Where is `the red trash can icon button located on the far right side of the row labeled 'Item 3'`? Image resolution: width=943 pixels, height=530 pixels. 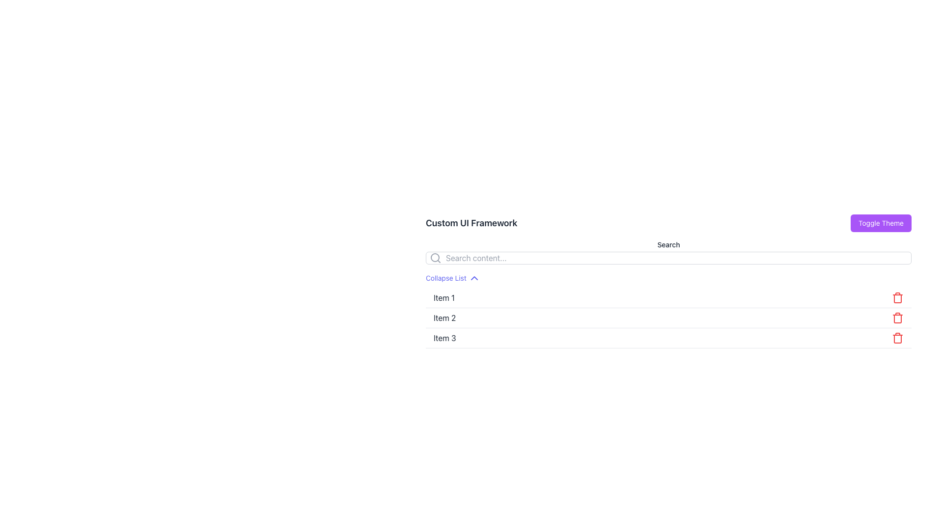
the red trash can icon button located on the far right side of the row labeled 'Item 3' is located at coordinates (898, 338).